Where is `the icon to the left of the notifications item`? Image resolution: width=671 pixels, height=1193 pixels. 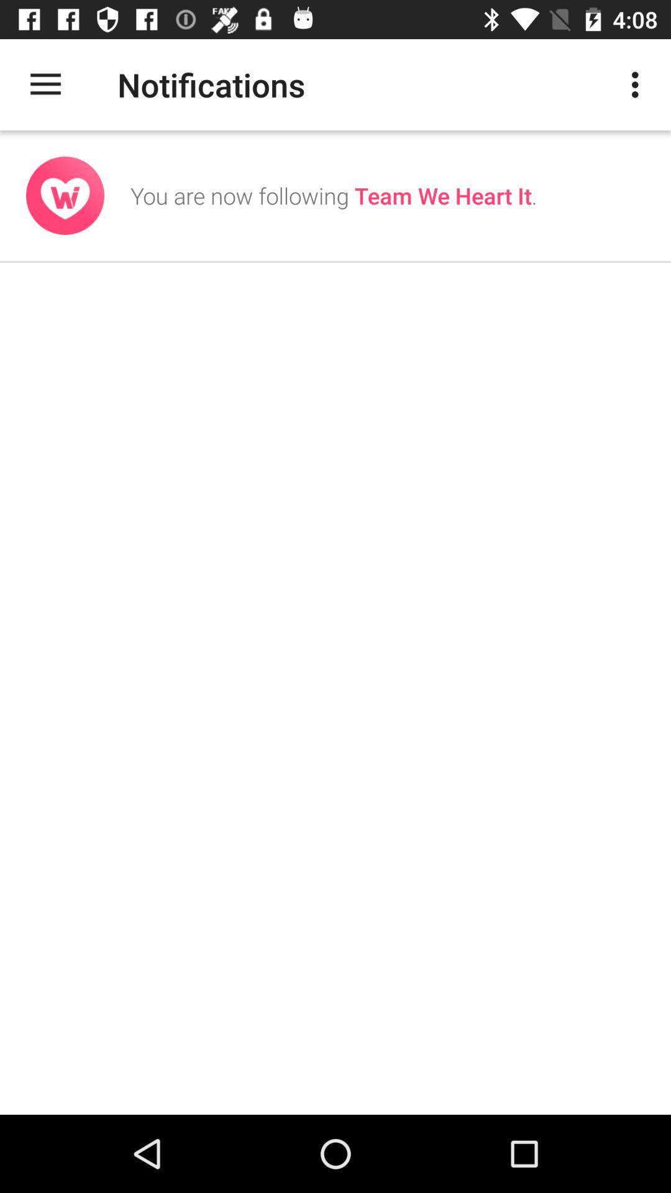
the icon to the left of the notifications item is located at coordinates (45, 84).